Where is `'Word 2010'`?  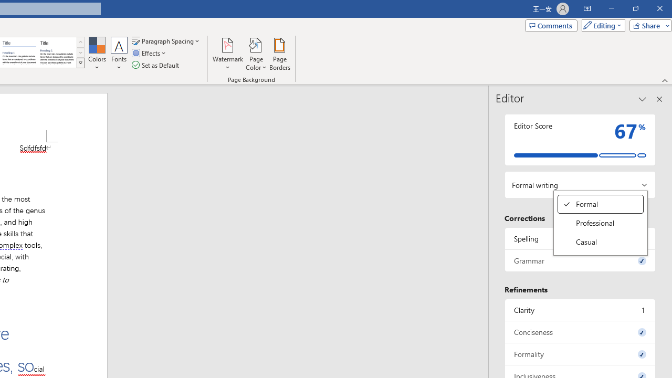 'Word 2010' is located at coordinates (19, 52).